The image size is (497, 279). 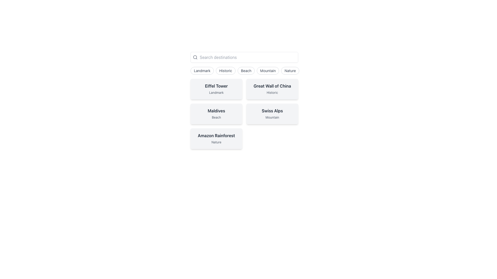 I want to click on the Display card featuring 'Eiffel Tower' with a light gray background and rounded corners, located in the upper-left of a grid layout, so click(x=216, y=89).